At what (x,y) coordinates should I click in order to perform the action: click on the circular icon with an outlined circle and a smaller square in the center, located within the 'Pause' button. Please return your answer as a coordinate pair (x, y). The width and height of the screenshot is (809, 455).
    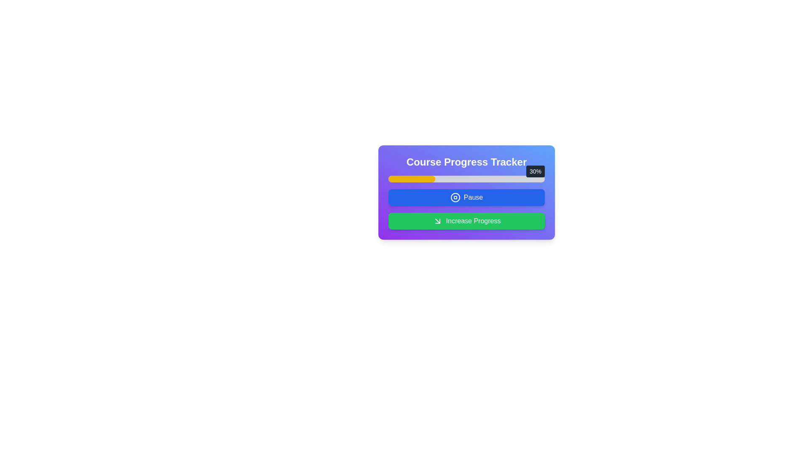
    Looking at the image, I should click on (455, 198).